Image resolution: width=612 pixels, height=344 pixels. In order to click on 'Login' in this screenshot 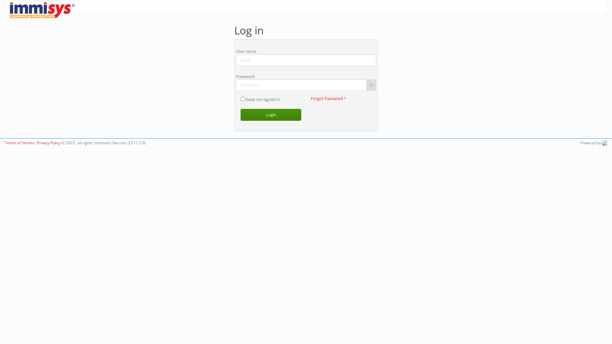, I will do `click(271, 115)`.